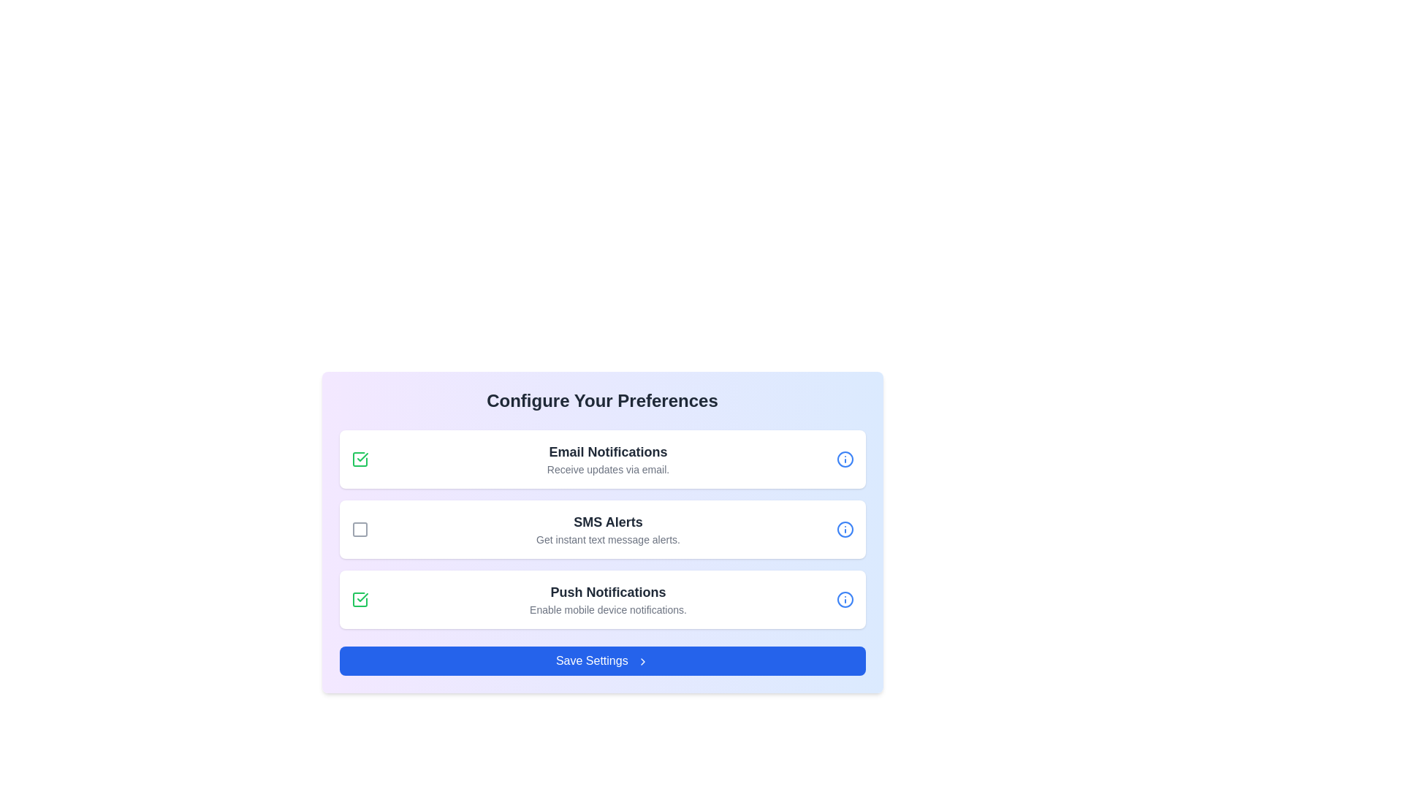 The height and width of the screenshot is (789, 1403). What do you see at coordinates (608, 470) in the screenshot?
I see `the descriptive text element that explains the purpose of the 'Email Notifications' option, located directly below the heading 'Email Notifications'` at bounding box center [608, 470].